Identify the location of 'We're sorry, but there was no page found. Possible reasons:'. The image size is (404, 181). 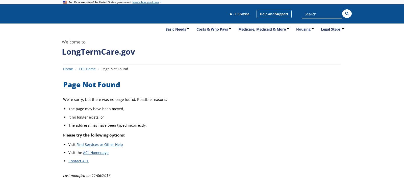
(115, 99).